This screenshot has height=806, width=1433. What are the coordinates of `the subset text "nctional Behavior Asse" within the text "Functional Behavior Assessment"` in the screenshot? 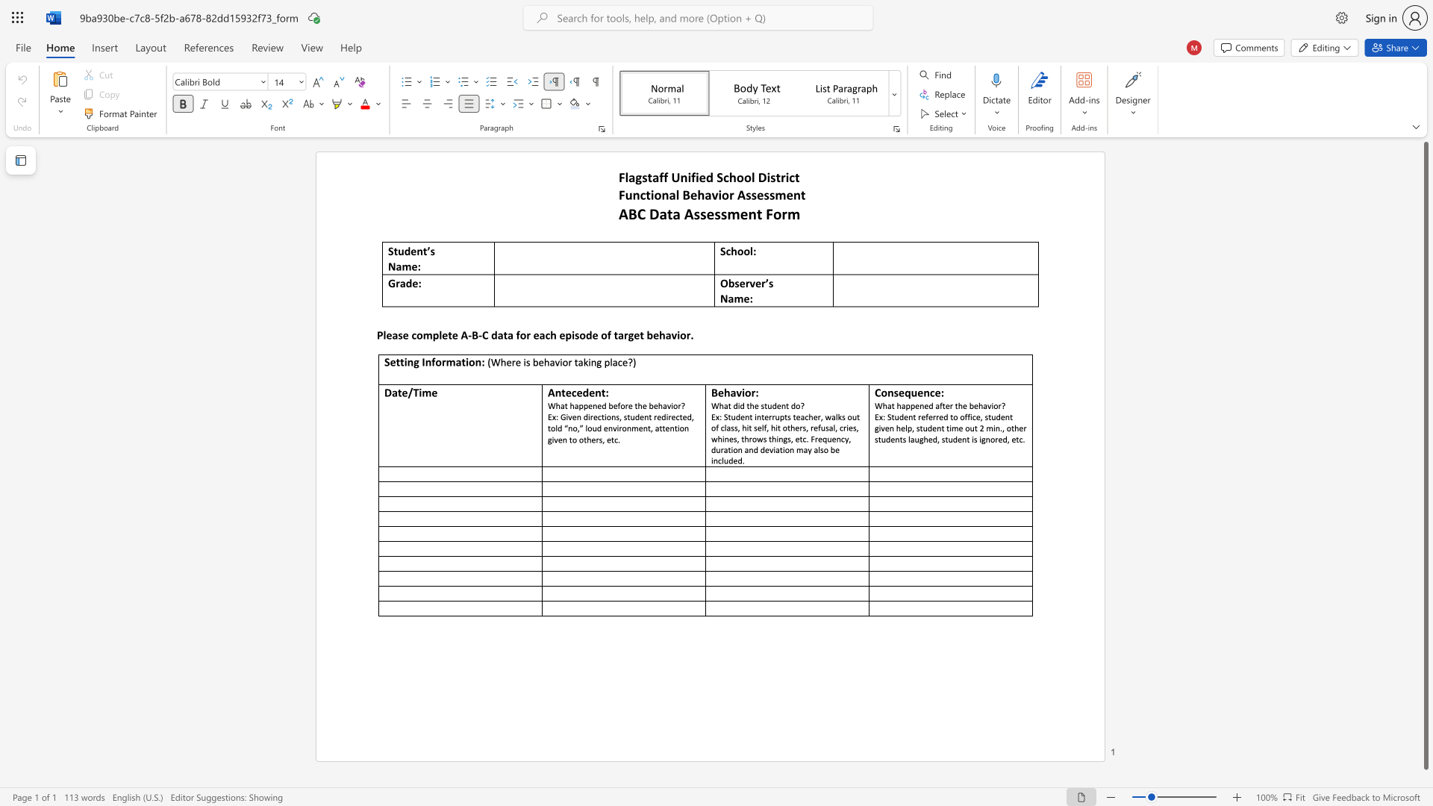 It's located at (632, 194).